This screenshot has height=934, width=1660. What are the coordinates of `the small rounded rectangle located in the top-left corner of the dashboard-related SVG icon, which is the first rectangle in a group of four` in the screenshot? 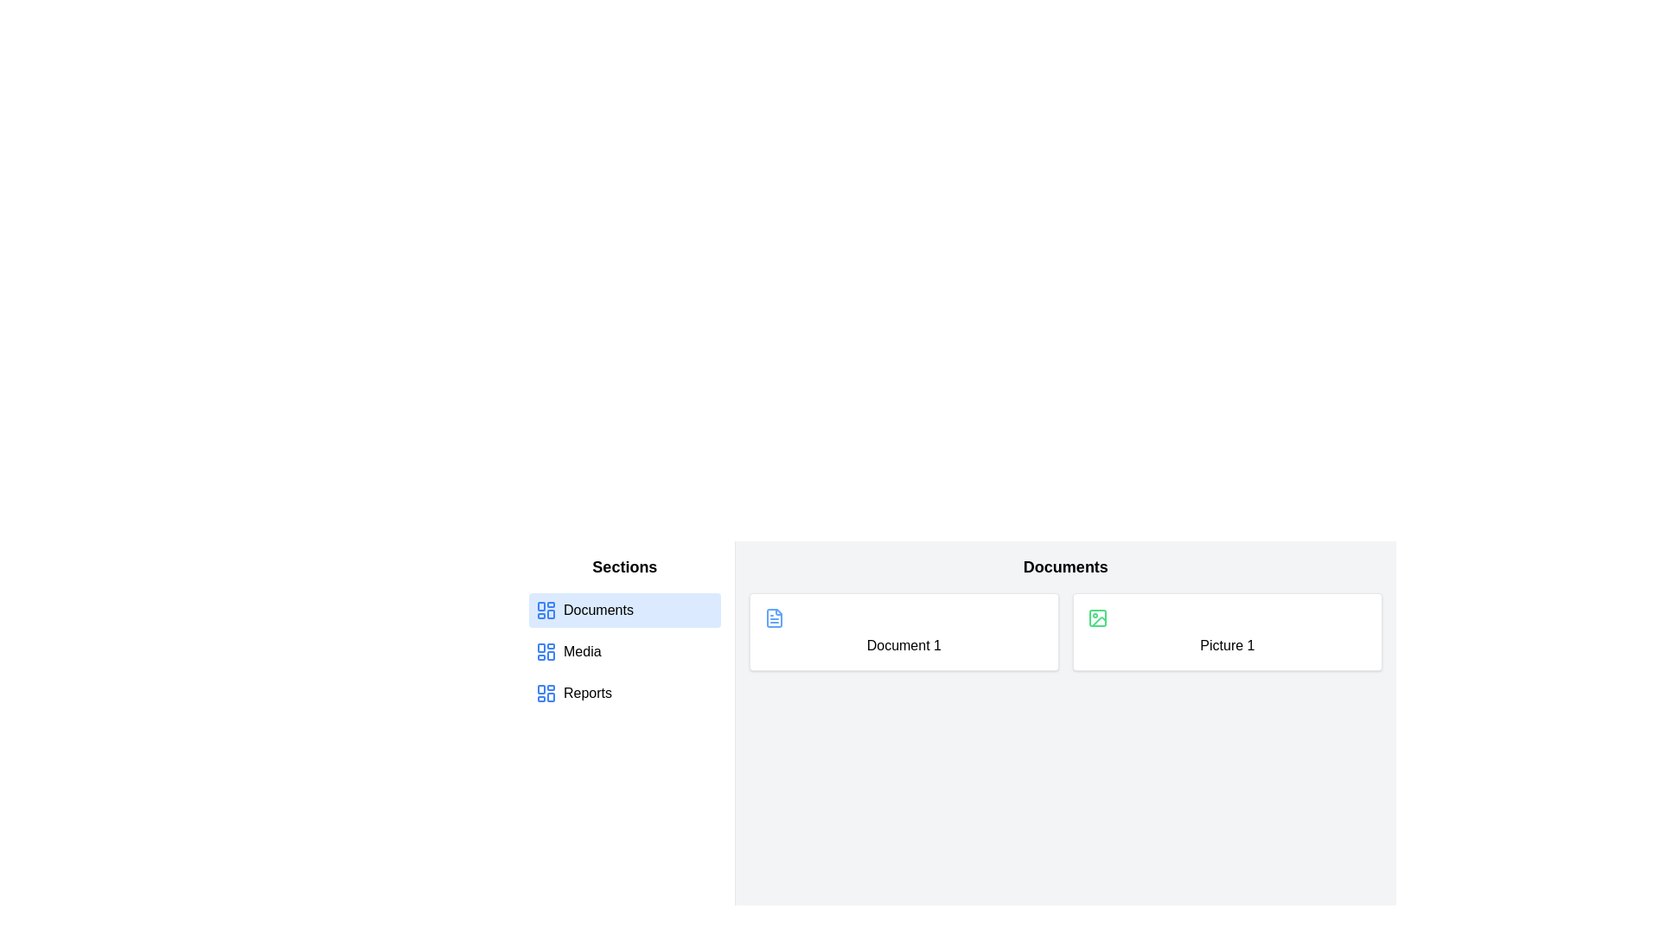 It's located at (540, 605).